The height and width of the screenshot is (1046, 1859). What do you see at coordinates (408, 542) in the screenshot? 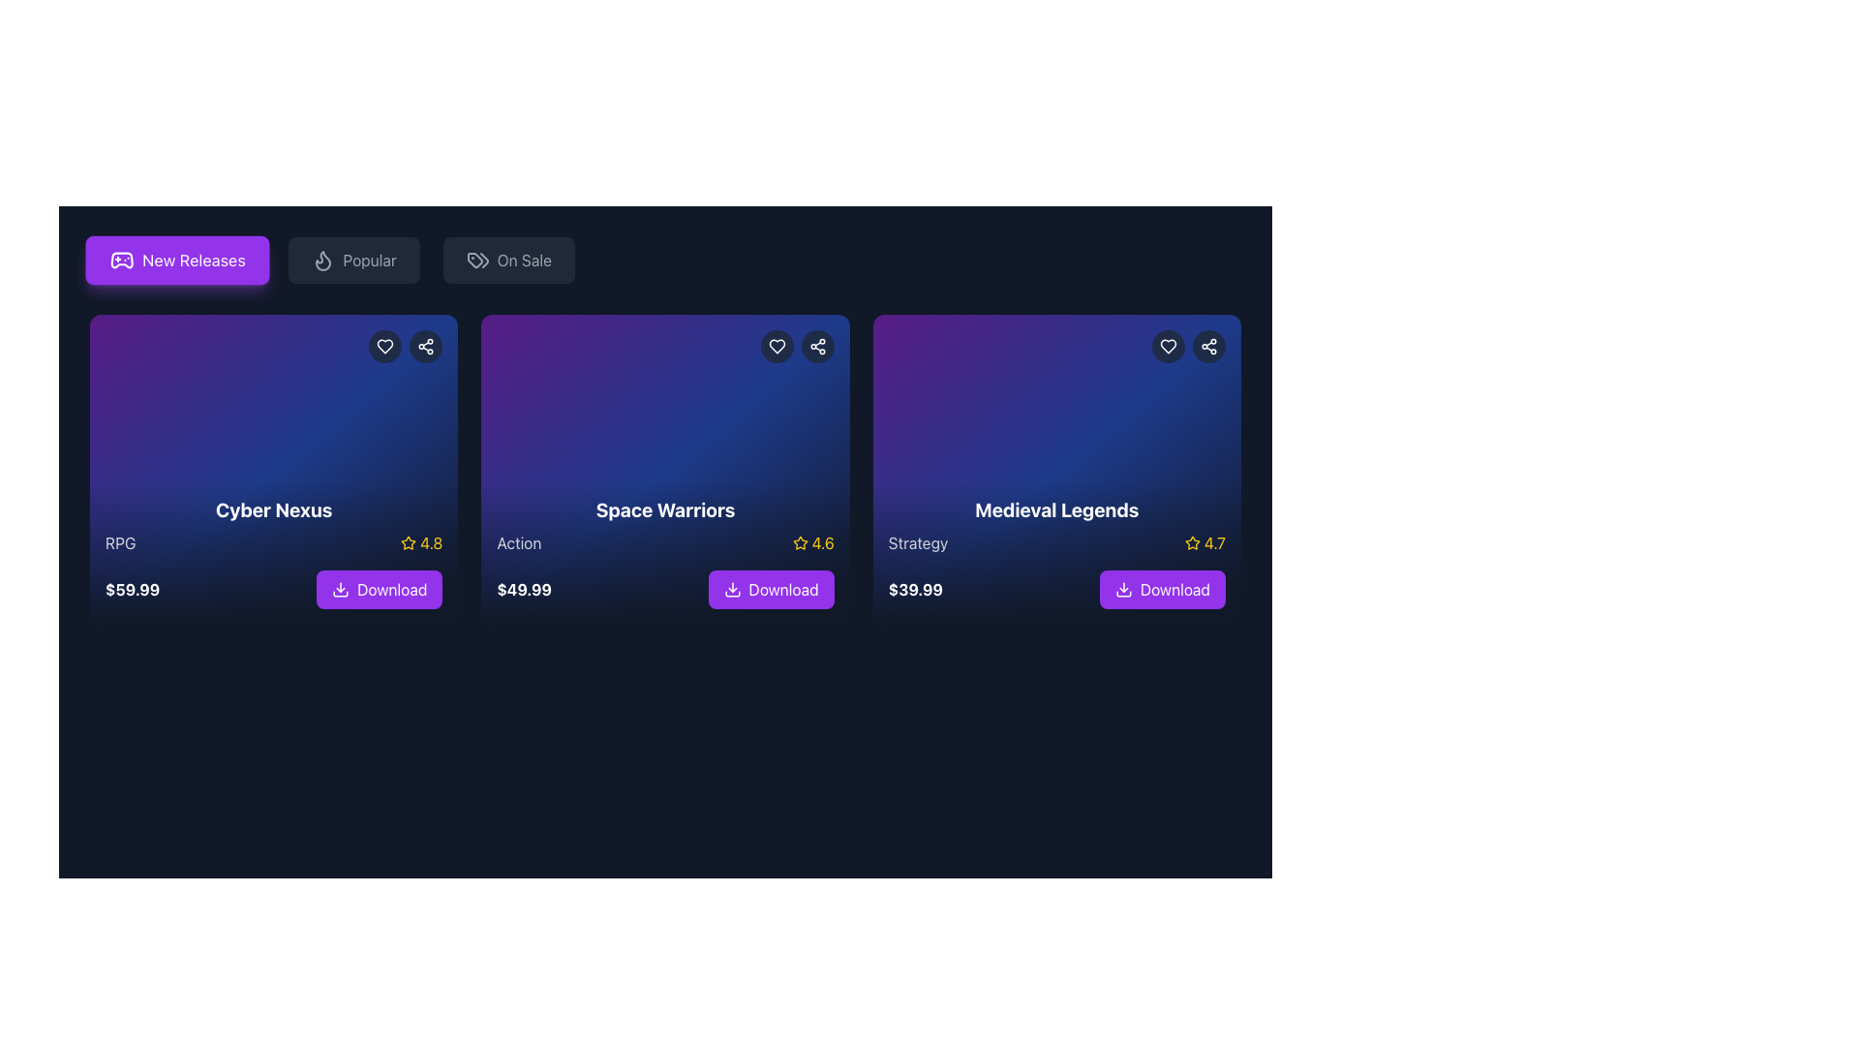
I see `the star-shaped icon with an outlined style that is yellow, part of the rating system next to the text '4.8' for 'Cyber Nexus'` at bounding box center [408, 542].